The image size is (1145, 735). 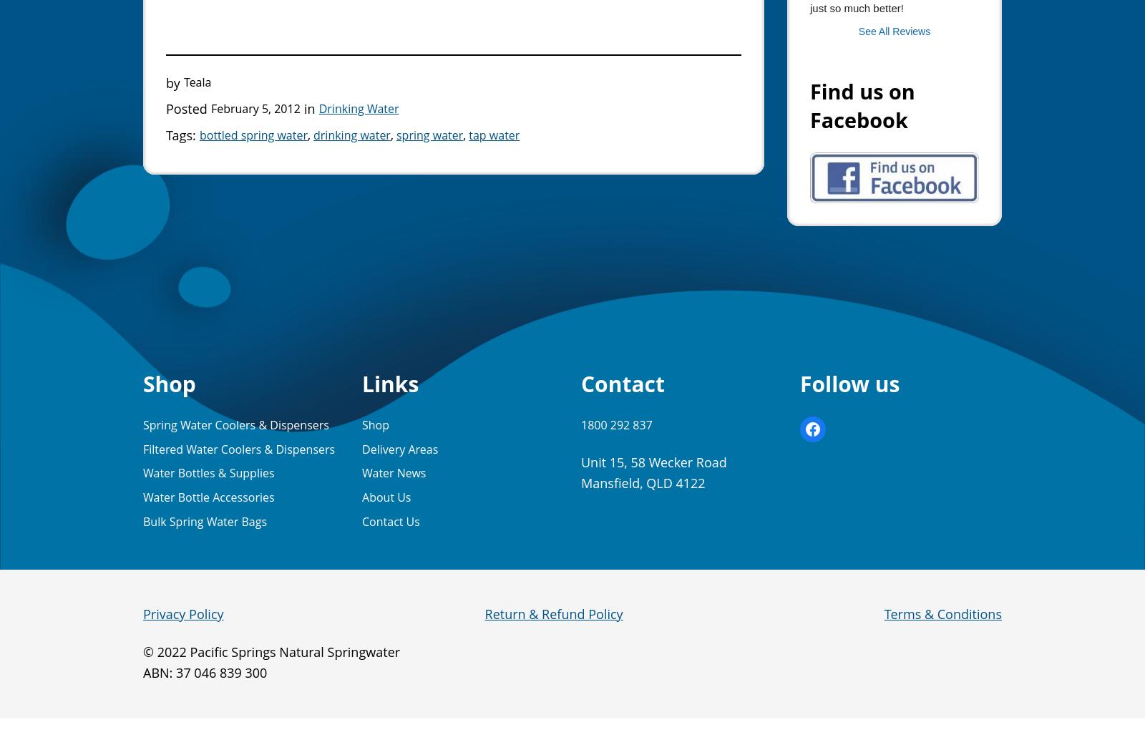 What do you see at coordinates (810, 105) in the screenshot?
I see `'Find us on Facebook'` at bounding box center [810, 105].